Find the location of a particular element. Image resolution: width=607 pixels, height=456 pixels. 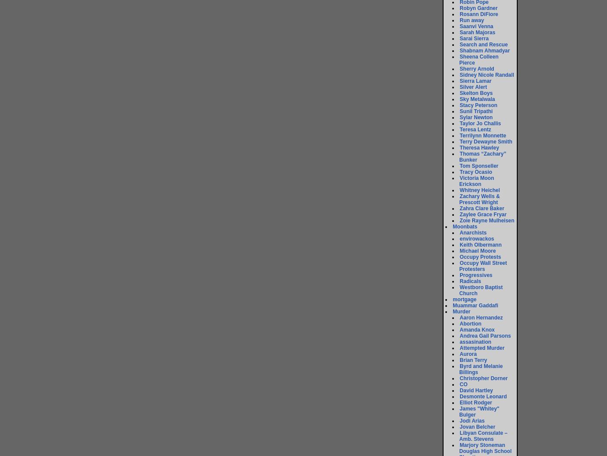

'Shabnam Ahmadyar' is located at coordinates (484, 50).